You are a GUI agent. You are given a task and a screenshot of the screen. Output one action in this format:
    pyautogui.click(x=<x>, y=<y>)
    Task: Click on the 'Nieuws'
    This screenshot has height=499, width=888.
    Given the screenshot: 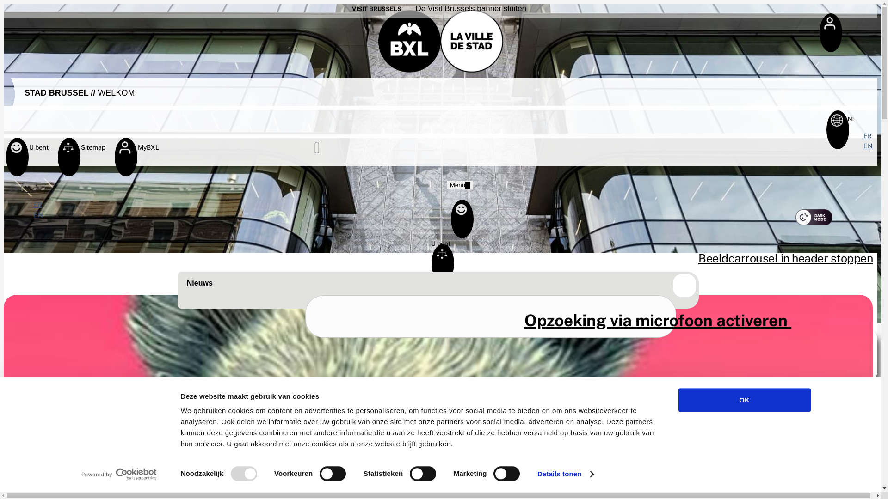 What is the action you would take?
    pyautogui.click(x=199, y=282)
    